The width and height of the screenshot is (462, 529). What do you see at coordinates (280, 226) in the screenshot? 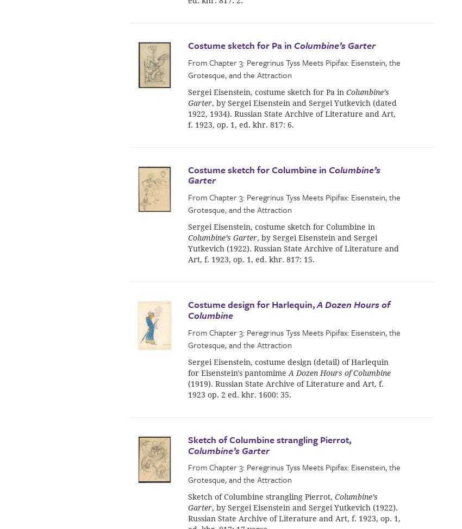
I see `'Sergei Eisenstein, costume sketch for Columbine in'` at bounding box center [280, 226].